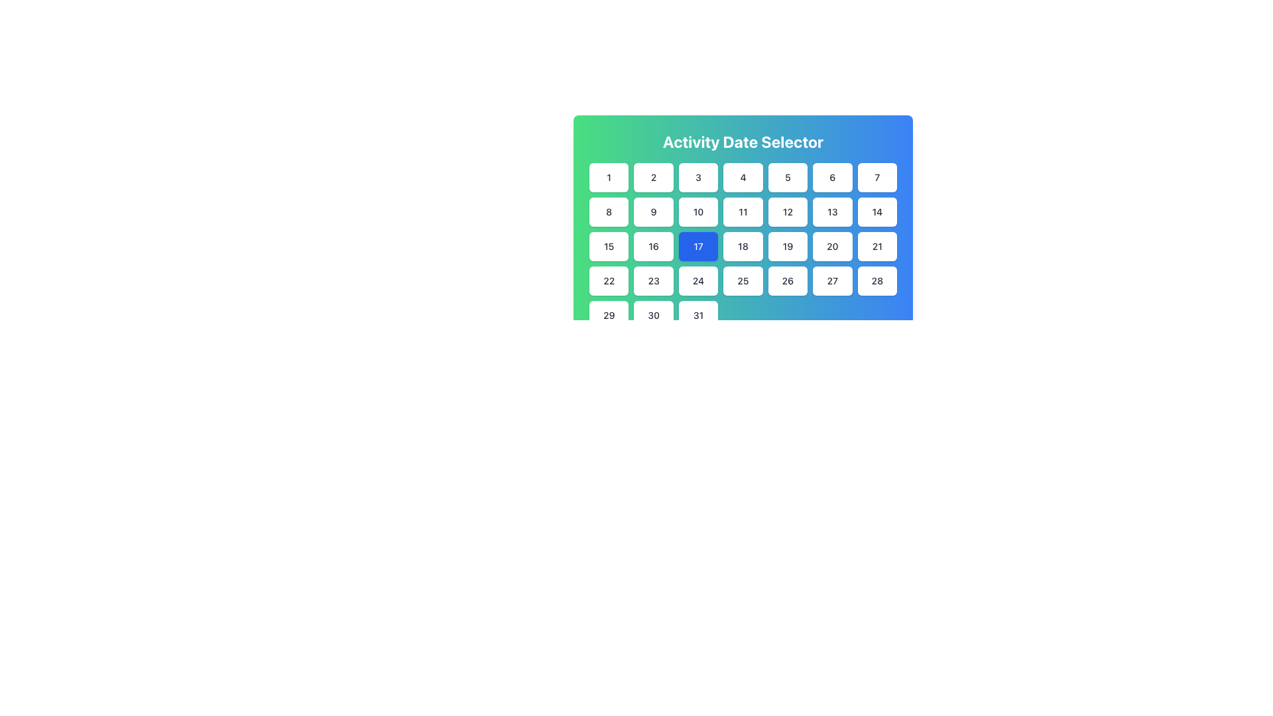 Image resolution: width=1273 pixels, height=716 pixels. I want to click on the calendar button displaying the number '18', so click(743, 246).